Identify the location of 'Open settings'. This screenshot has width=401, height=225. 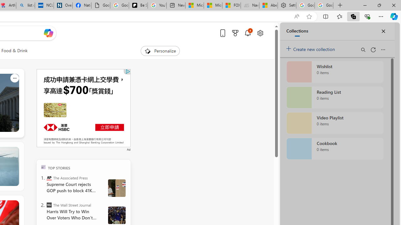
(260, 33).